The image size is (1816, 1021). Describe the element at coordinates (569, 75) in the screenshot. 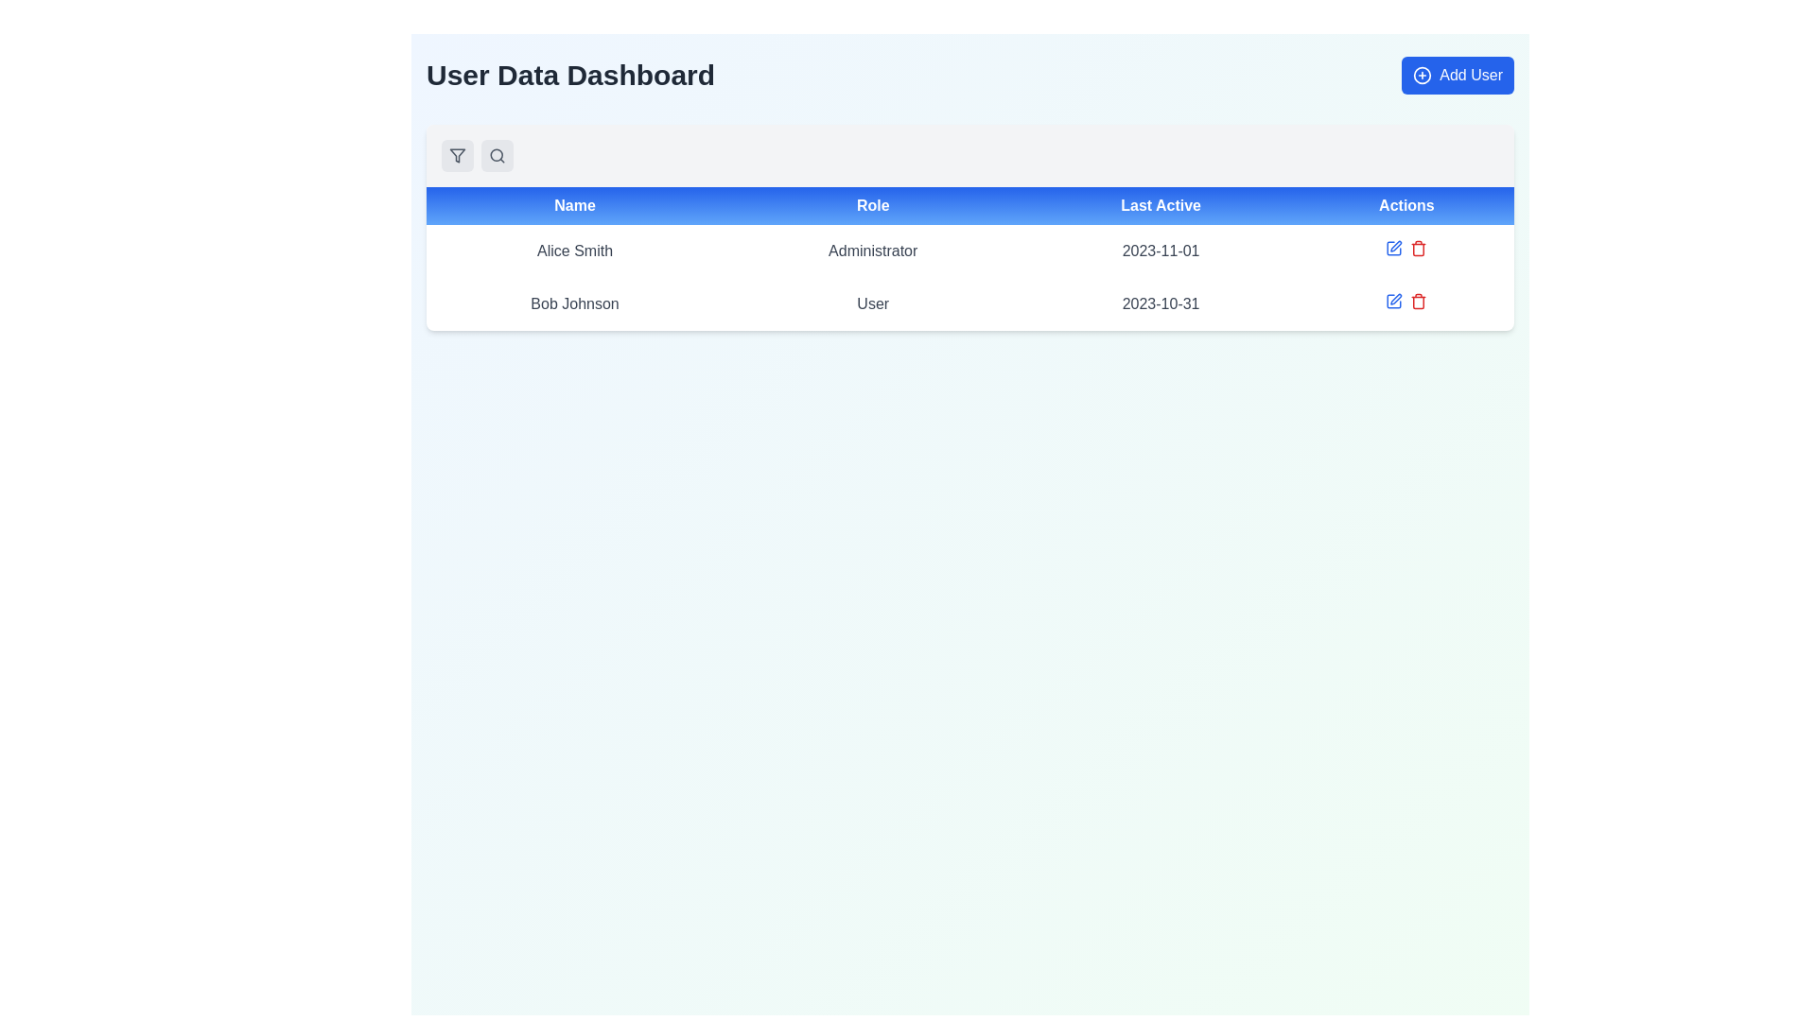

I see `the heading or title text located at the top-left corner of the interface, which identifies the purpose of the dashboard for user data` at that location.